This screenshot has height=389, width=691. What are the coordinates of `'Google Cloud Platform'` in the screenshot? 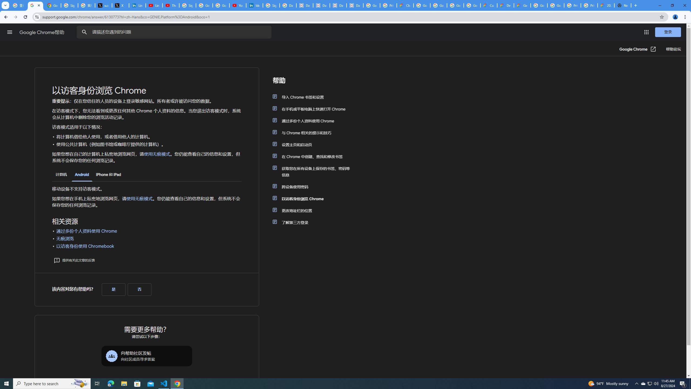 It's located at (555, 5).